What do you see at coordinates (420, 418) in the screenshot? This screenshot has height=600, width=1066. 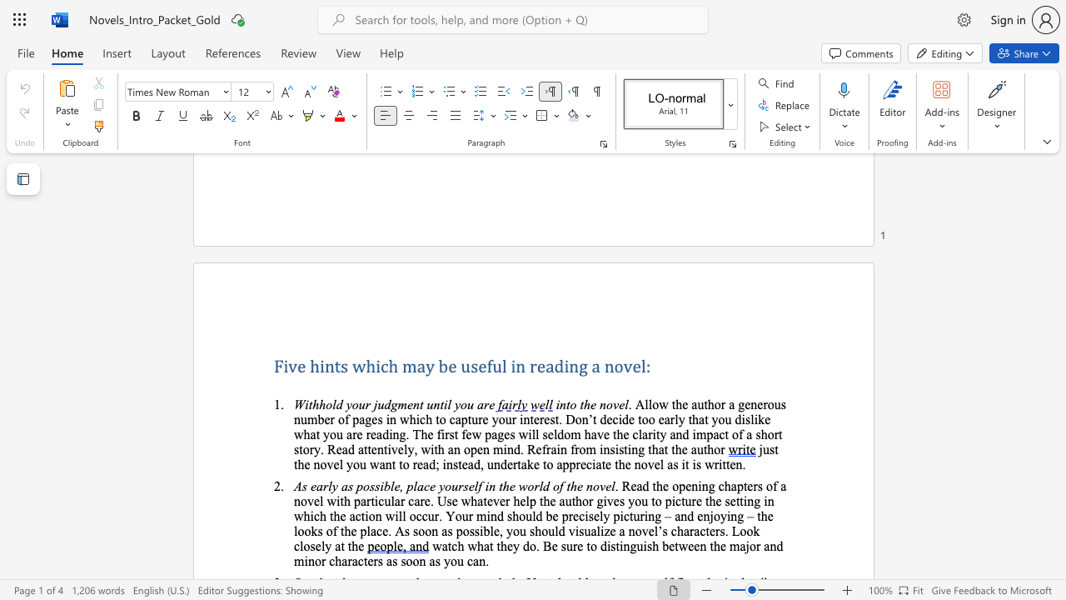 I see `the subset text "ch to capture yo" within the text ". Allow the author a generous number of pages in which to capture your interest."` at bounding box center [420, 418].